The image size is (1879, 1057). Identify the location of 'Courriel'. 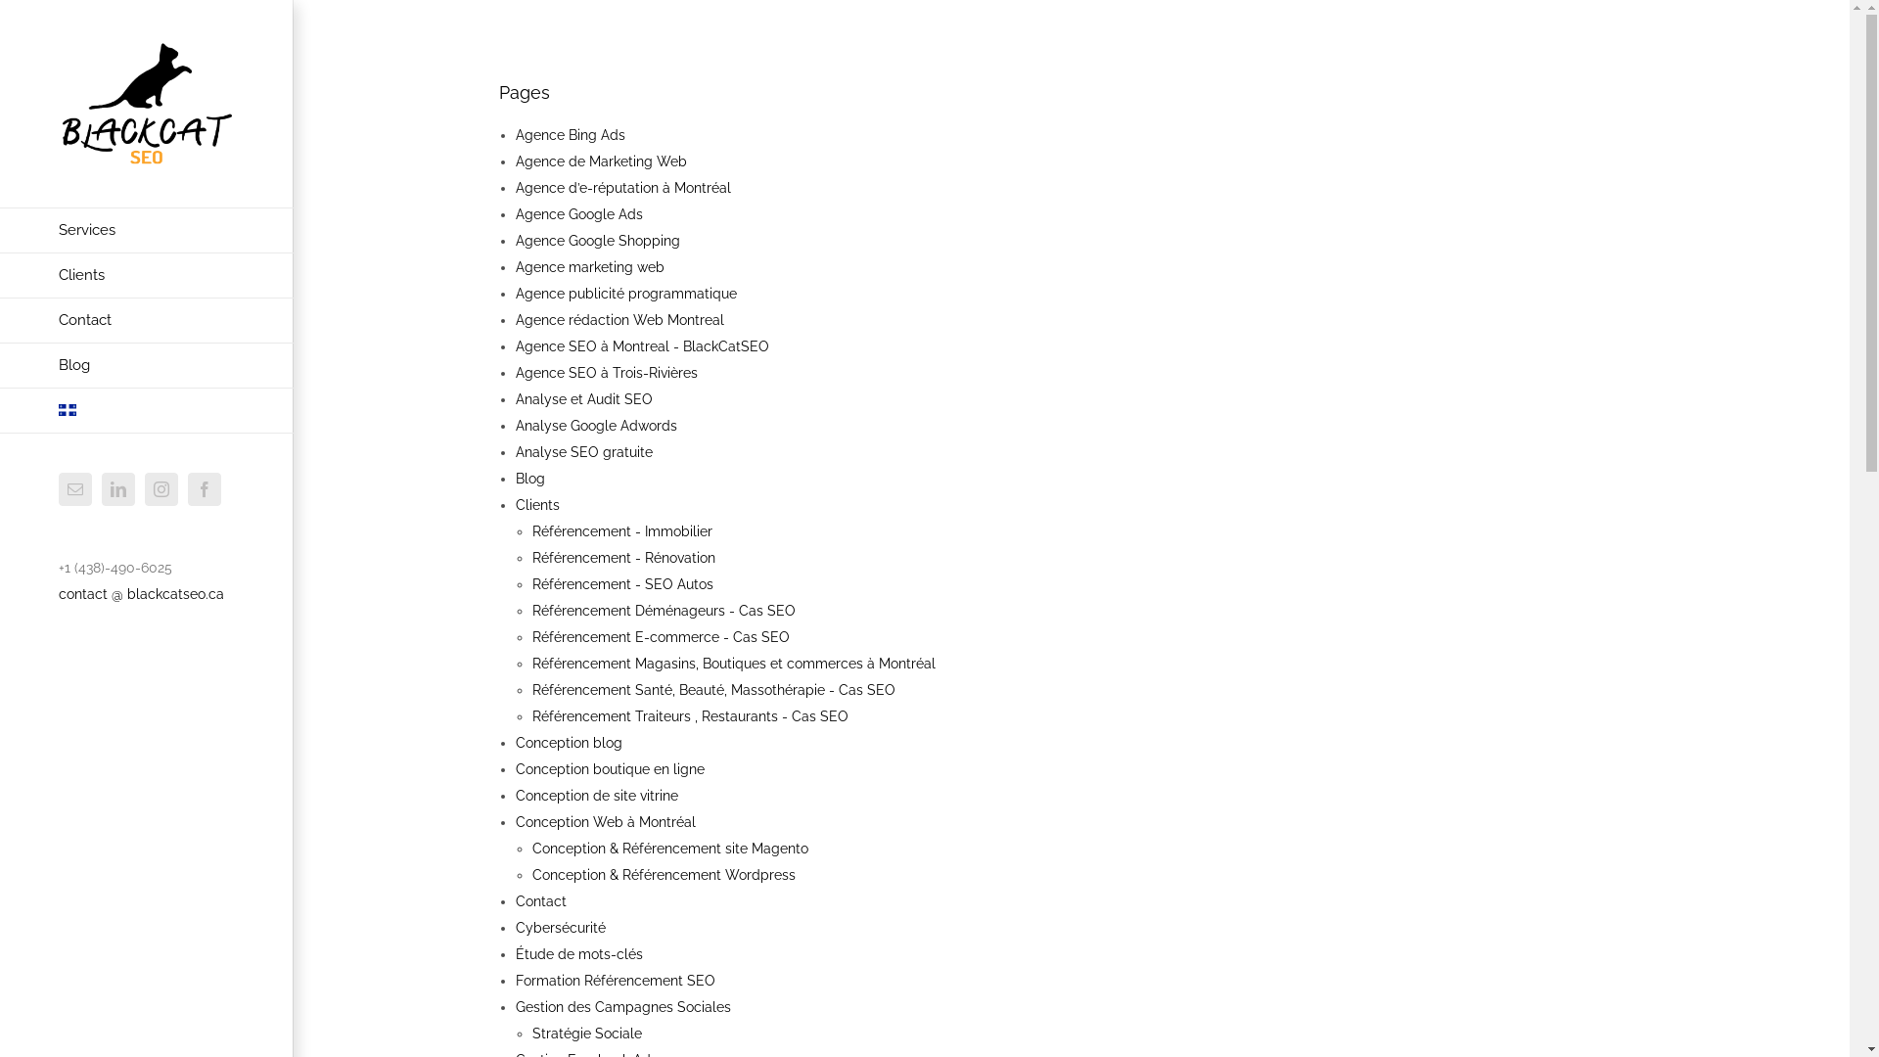
(58, 488).